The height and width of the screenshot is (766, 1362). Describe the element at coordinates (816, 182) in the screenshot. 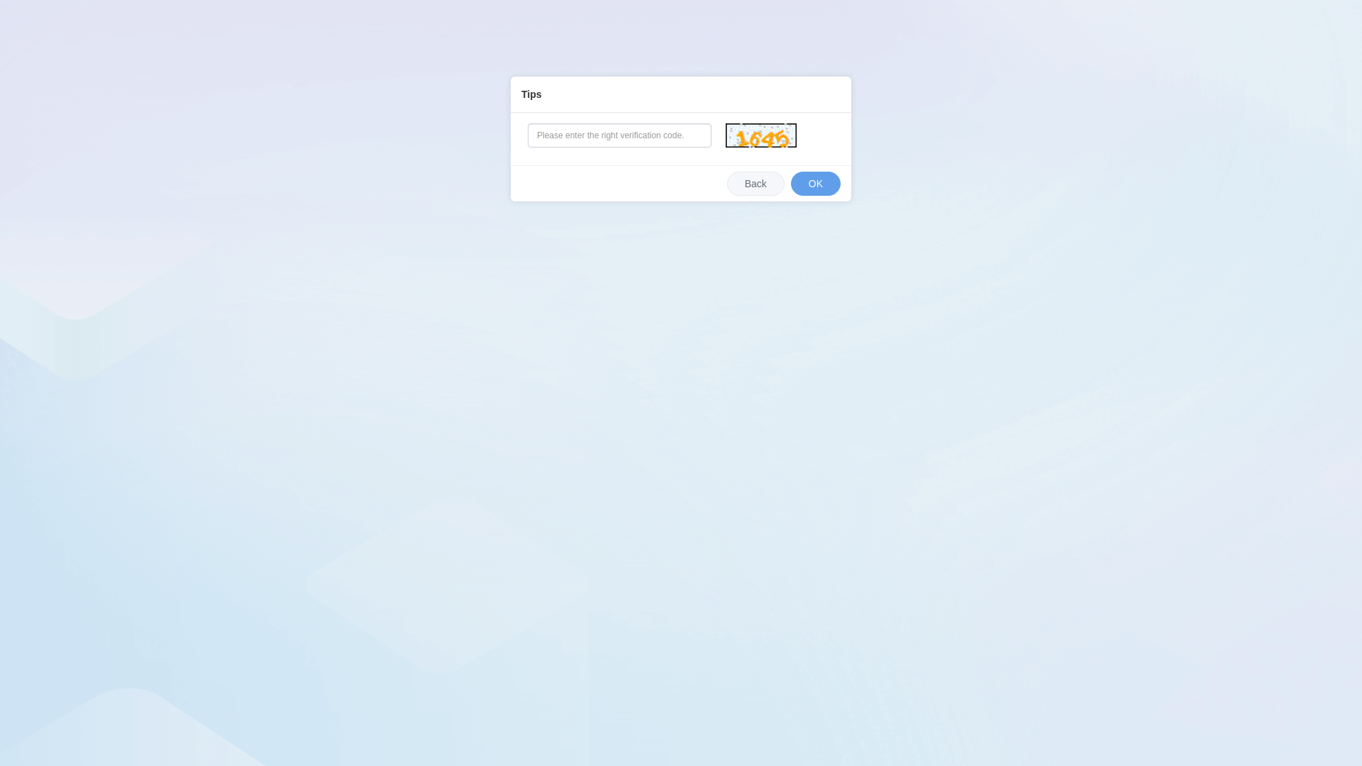

I see `'OK'` at that location.